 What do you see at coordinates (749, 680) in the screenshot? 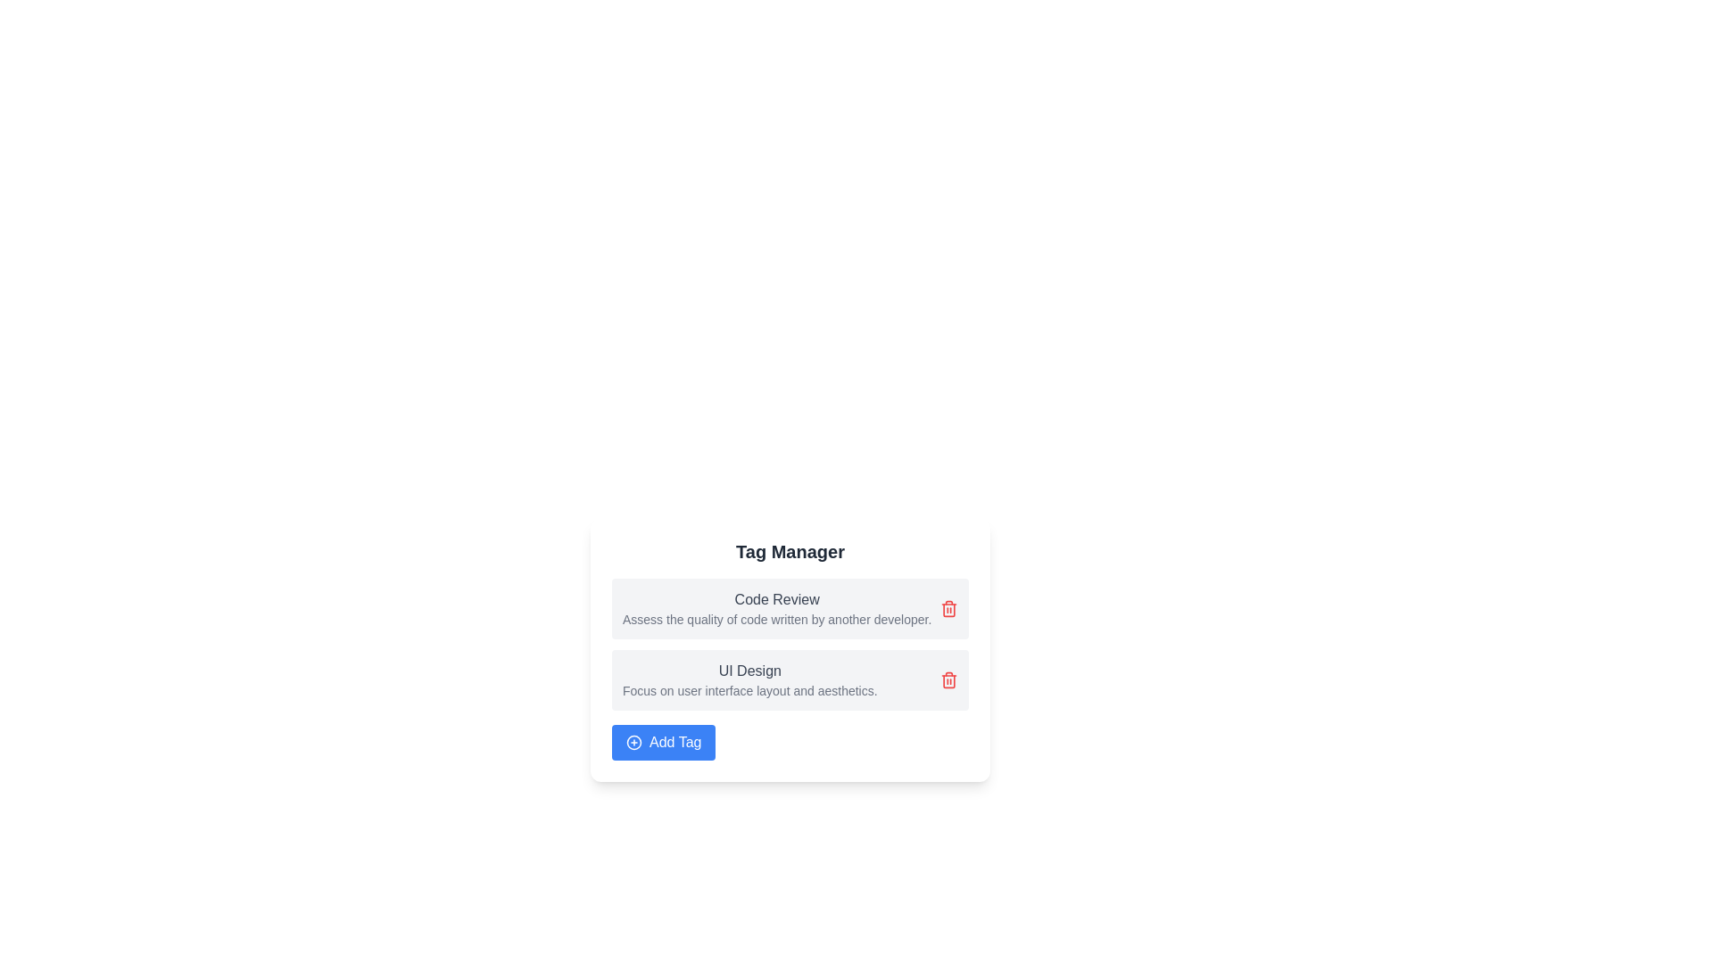
I see `the Text display block that provides information about the UI design tag, located below the 'Code Review' box and above the 'Add Tag' button` at bounding box center [749, 680].